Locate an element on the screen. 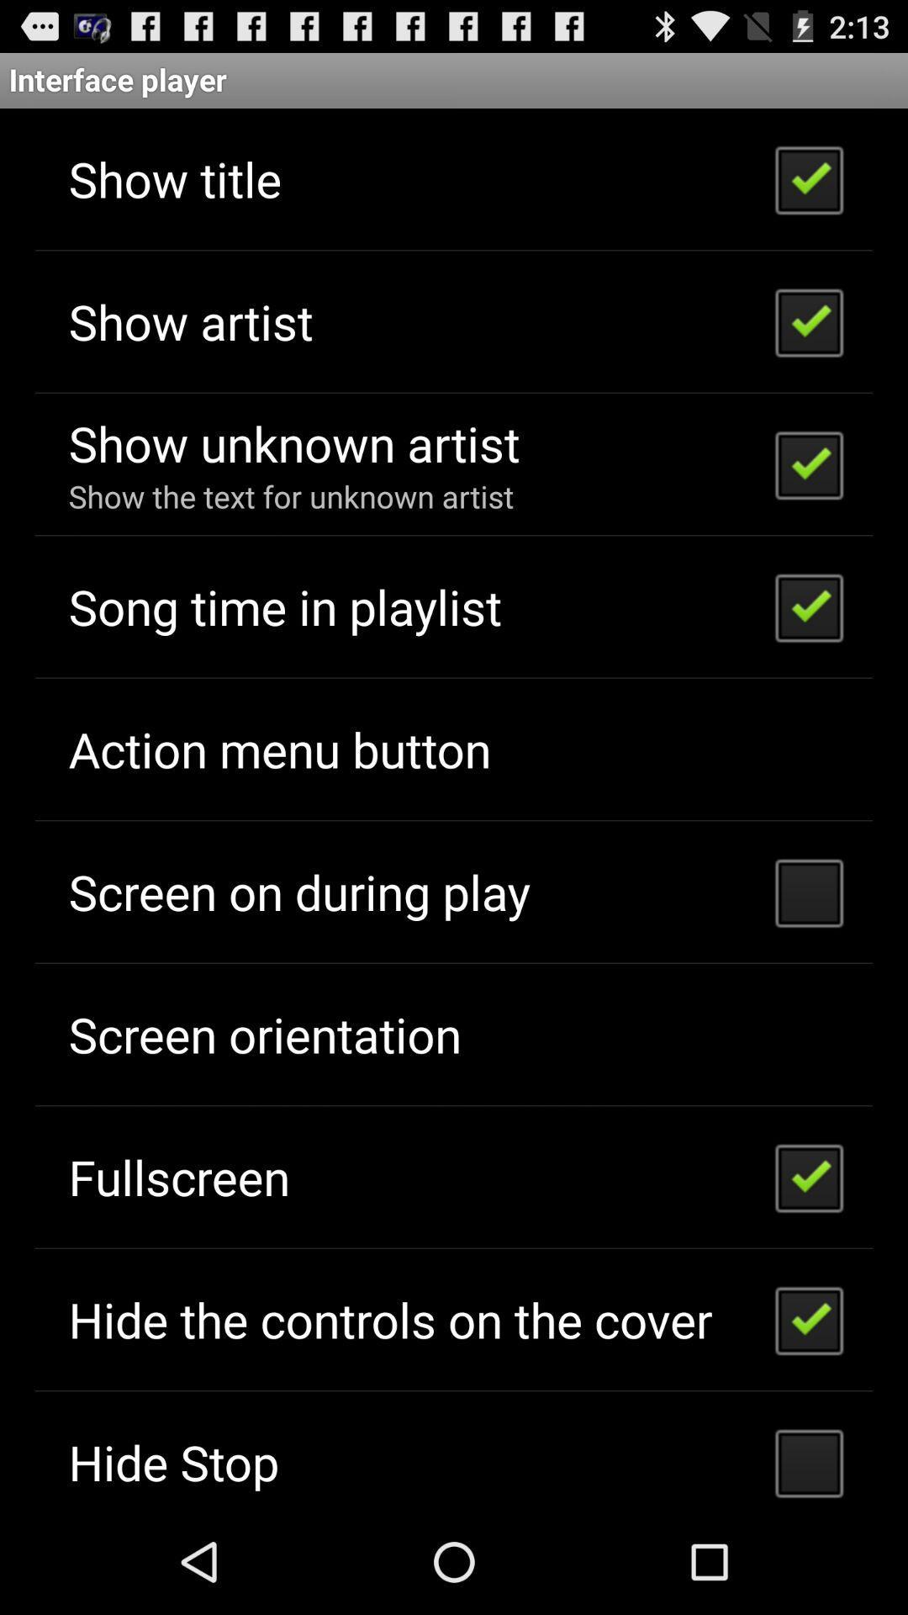 The width and height of the screenshot is (908, 1615). the show the text icon is located at coordinates (290, 495).